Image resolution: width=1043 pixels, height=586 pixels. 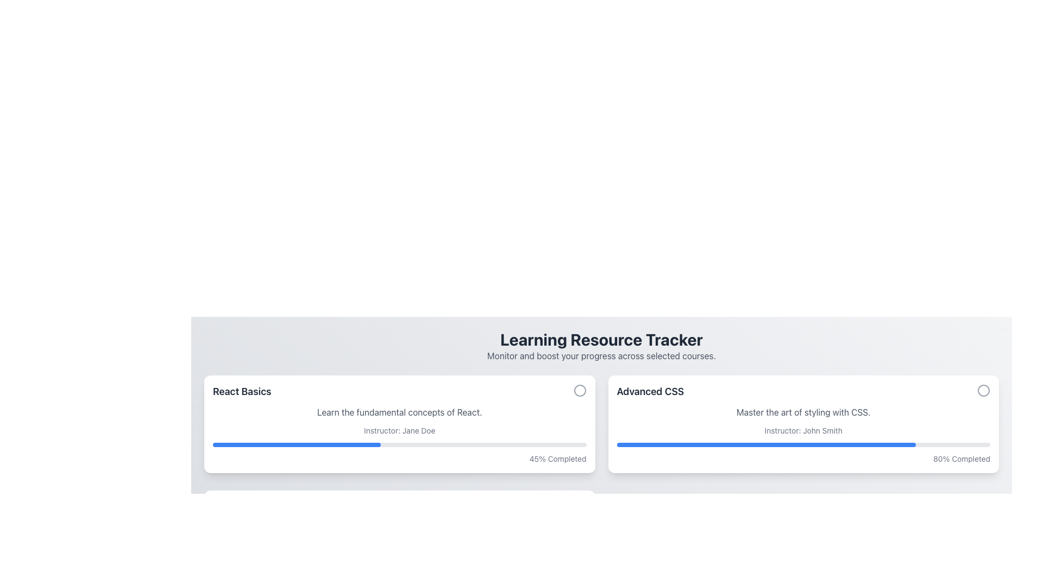 I want to click on the SVG circle icon located in the top-right corner of the left card containing the 'React Basics' course details, so click(x=579, y=391).